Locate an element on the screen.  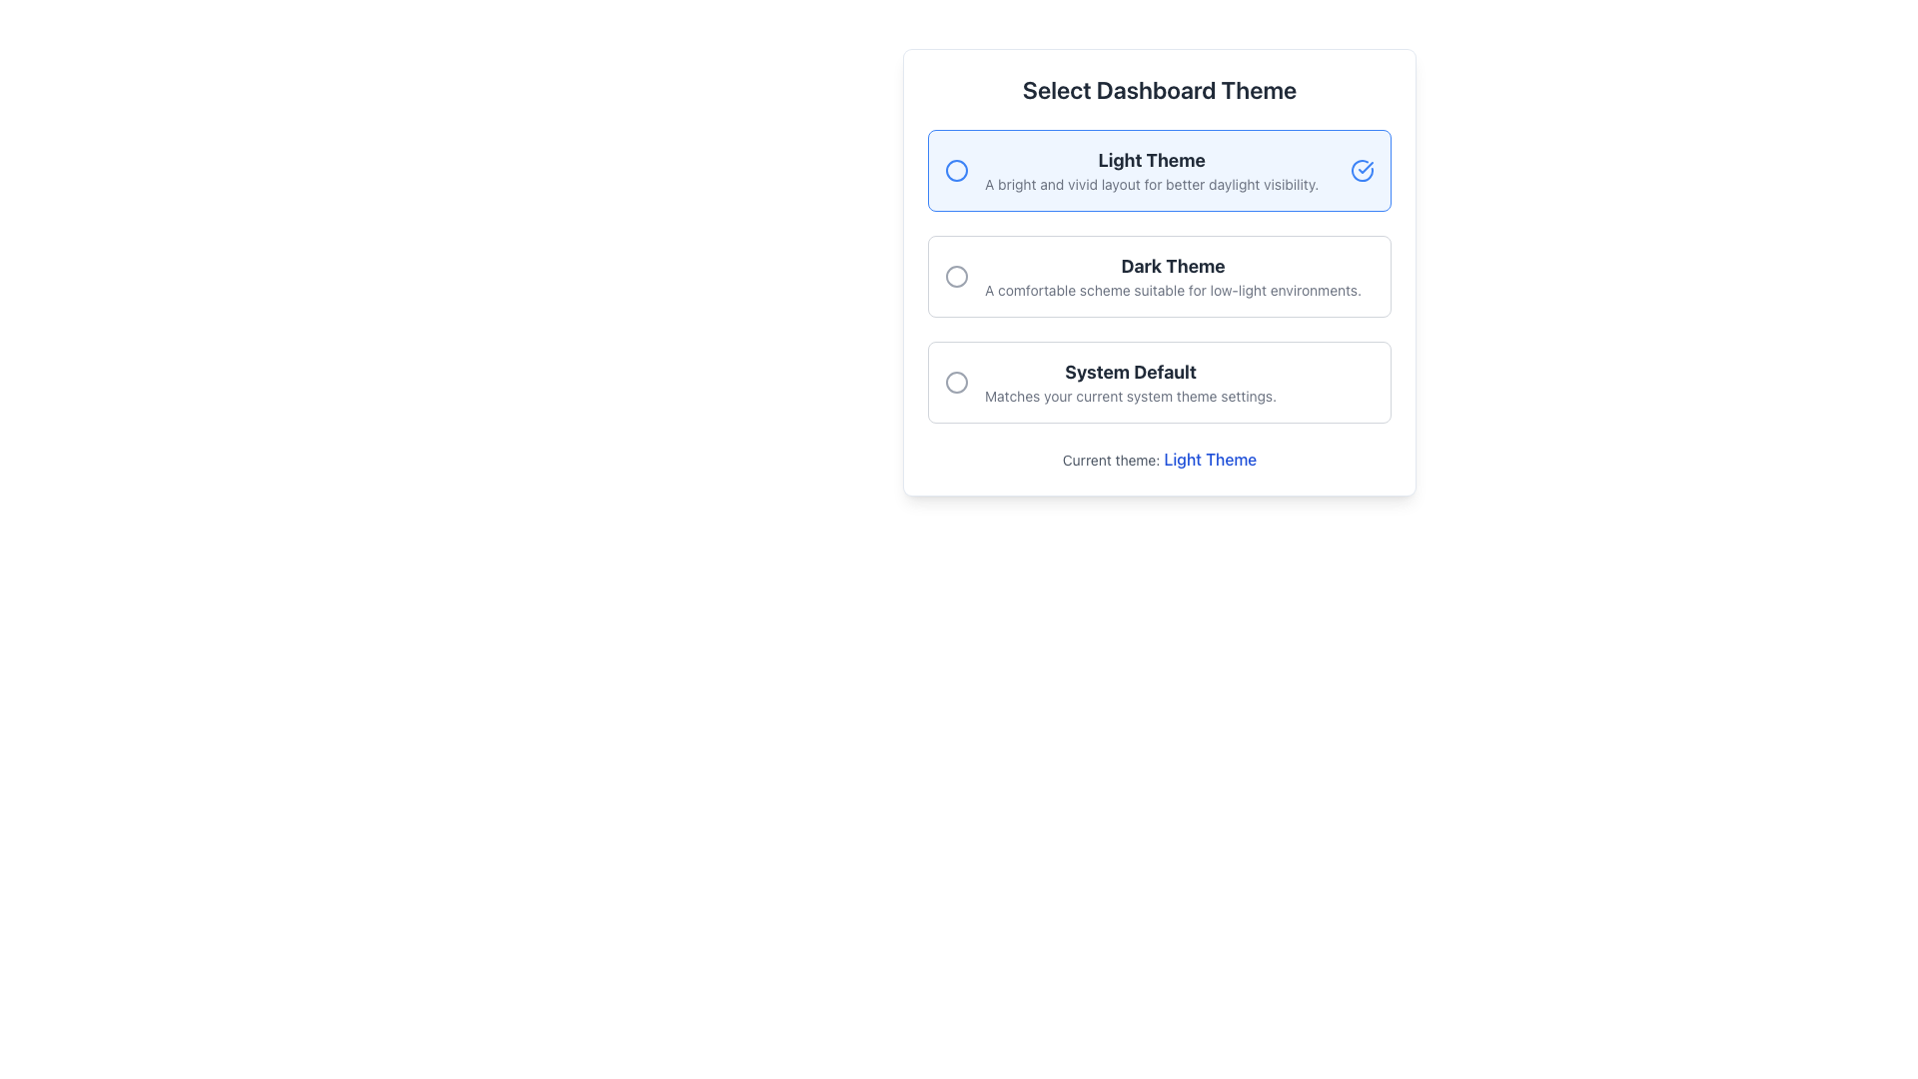
the radio button graphic for the 'Dark Theme' option is located at coordinates (956, 277).